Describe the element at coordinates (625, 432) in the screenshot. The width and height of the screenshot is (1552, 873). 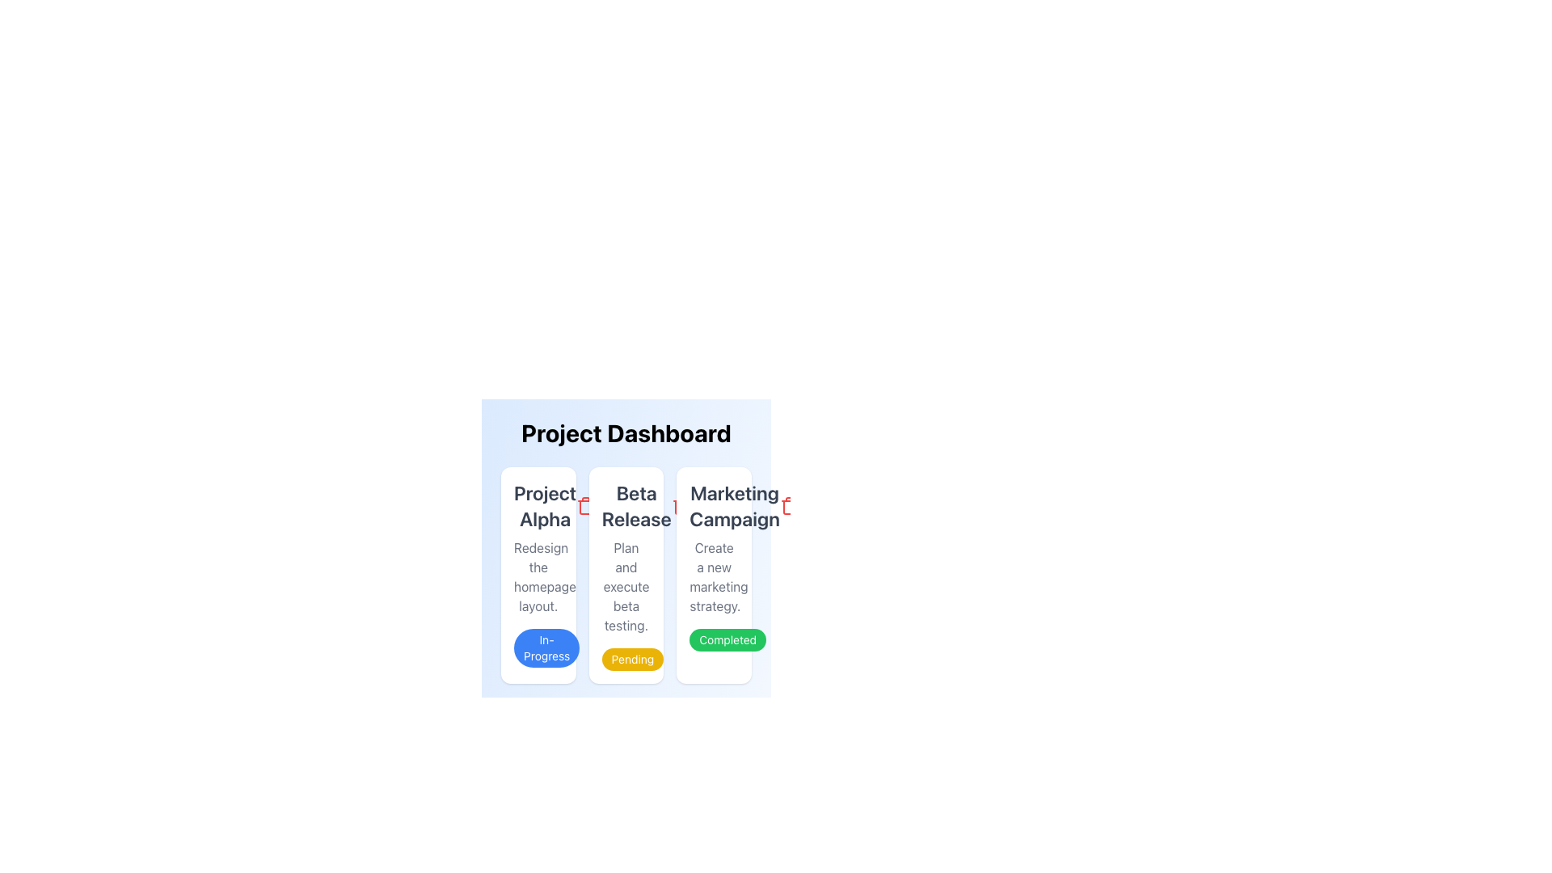
I see `the large, bold, centered text element that reads 'Project Dashboard', which is prominently displayed at the top of the section containing project cards` at that location.